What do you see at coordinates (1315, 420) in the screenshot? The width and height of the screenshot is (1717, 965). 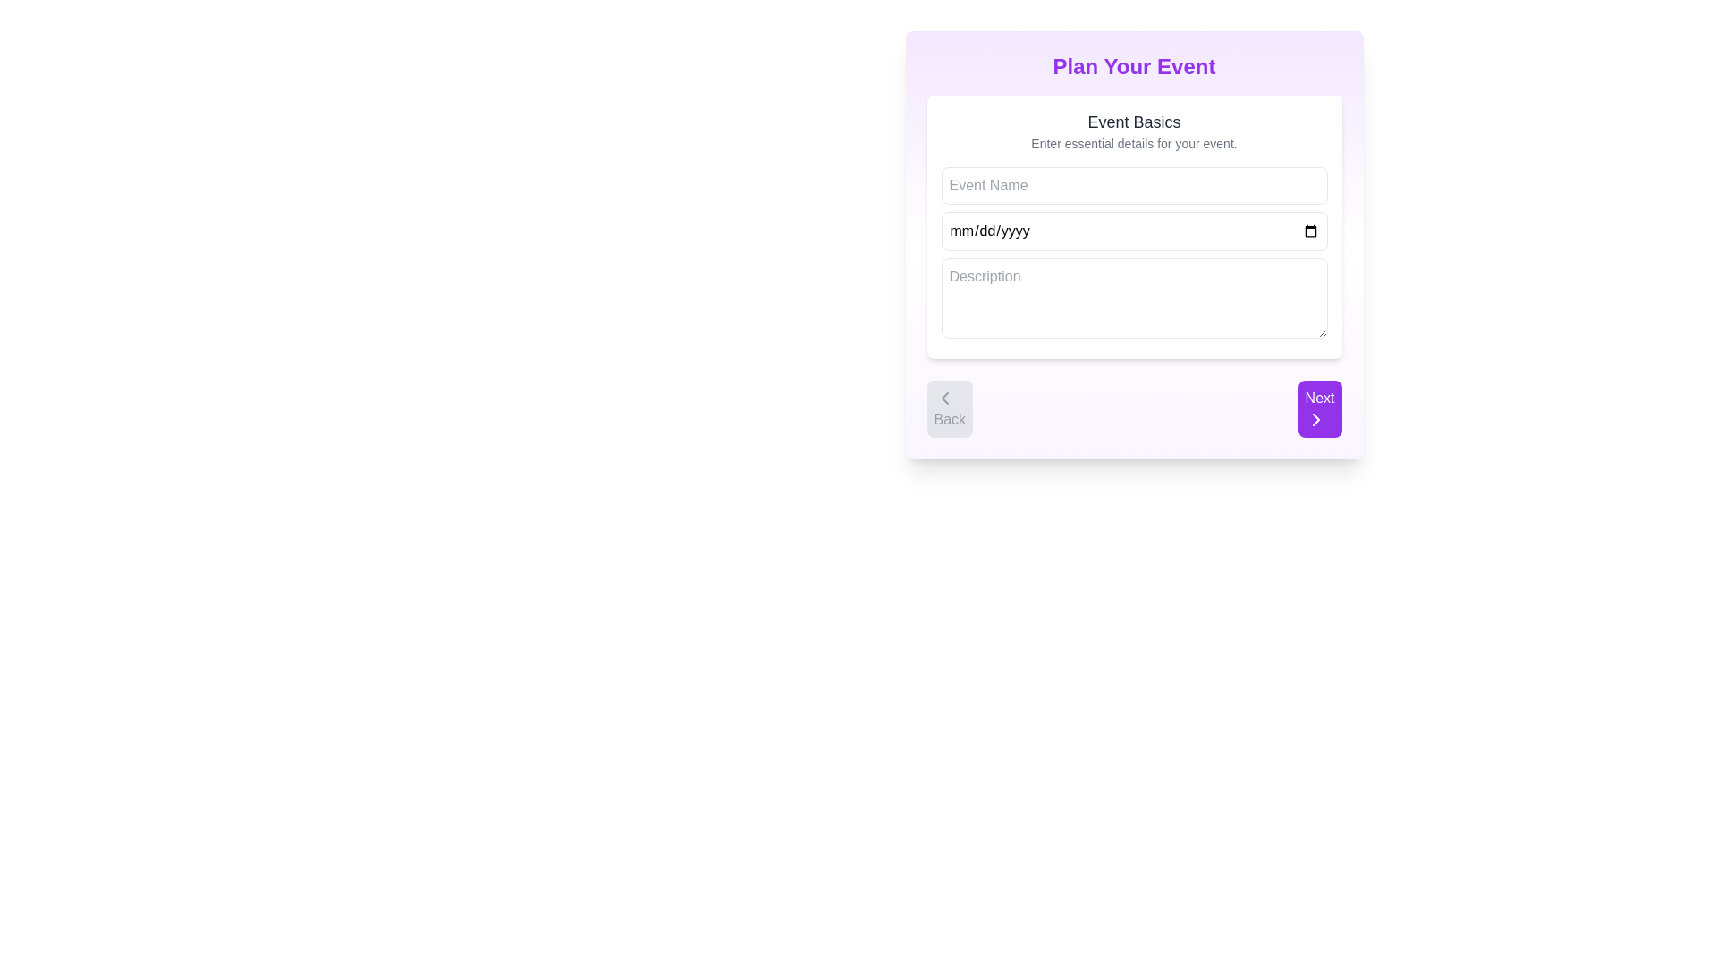 I see `the centered Chevron icon within the 'Next' button located in the lower-right corner of the form interface` at bounding box center [1315, 420].